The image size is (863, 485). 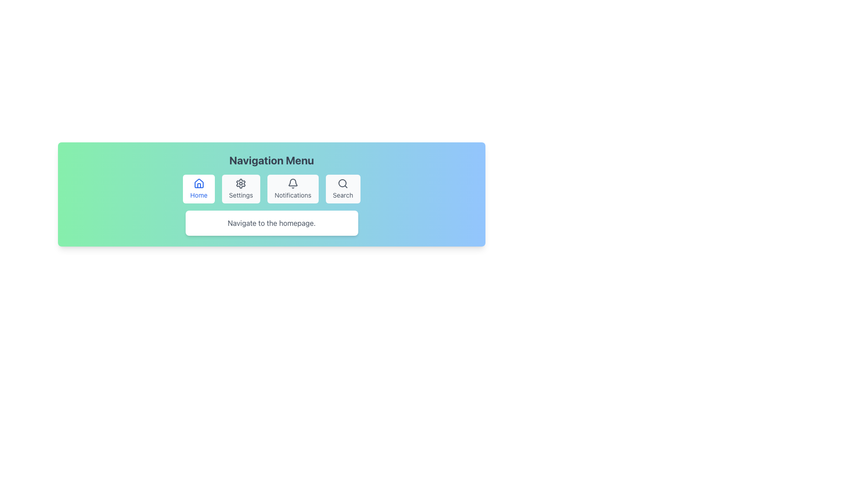 What do you see at coordinates (198, 188) in the screenshot?
I see `the 'Home' button in the navigation menu for keyboard navigation` at bounding box center [198, 188].